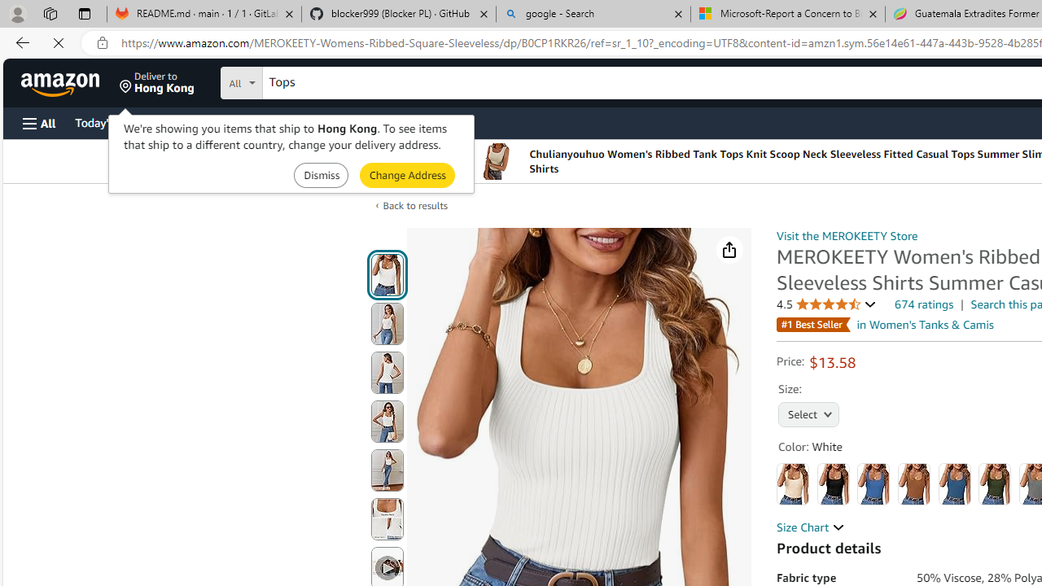 The width and height of the screenshot is (1042, 586). I want to click on 'Amazon', so click(62, 82).